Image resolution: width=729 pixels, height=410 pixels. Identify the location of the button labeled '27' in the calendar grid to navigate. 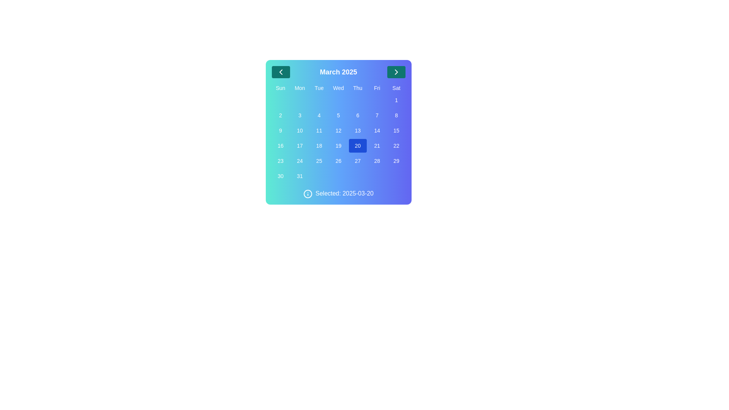
(357, 161).